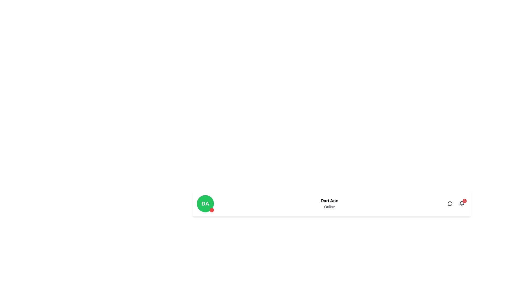  What do you see at coordinates (464, 201) in the screenshot?
I see `the Notification Badge located at the top-right corner of the navigation bar, which indicates the number of notifications associated with the bell icon` at bounding box center [464, 201].